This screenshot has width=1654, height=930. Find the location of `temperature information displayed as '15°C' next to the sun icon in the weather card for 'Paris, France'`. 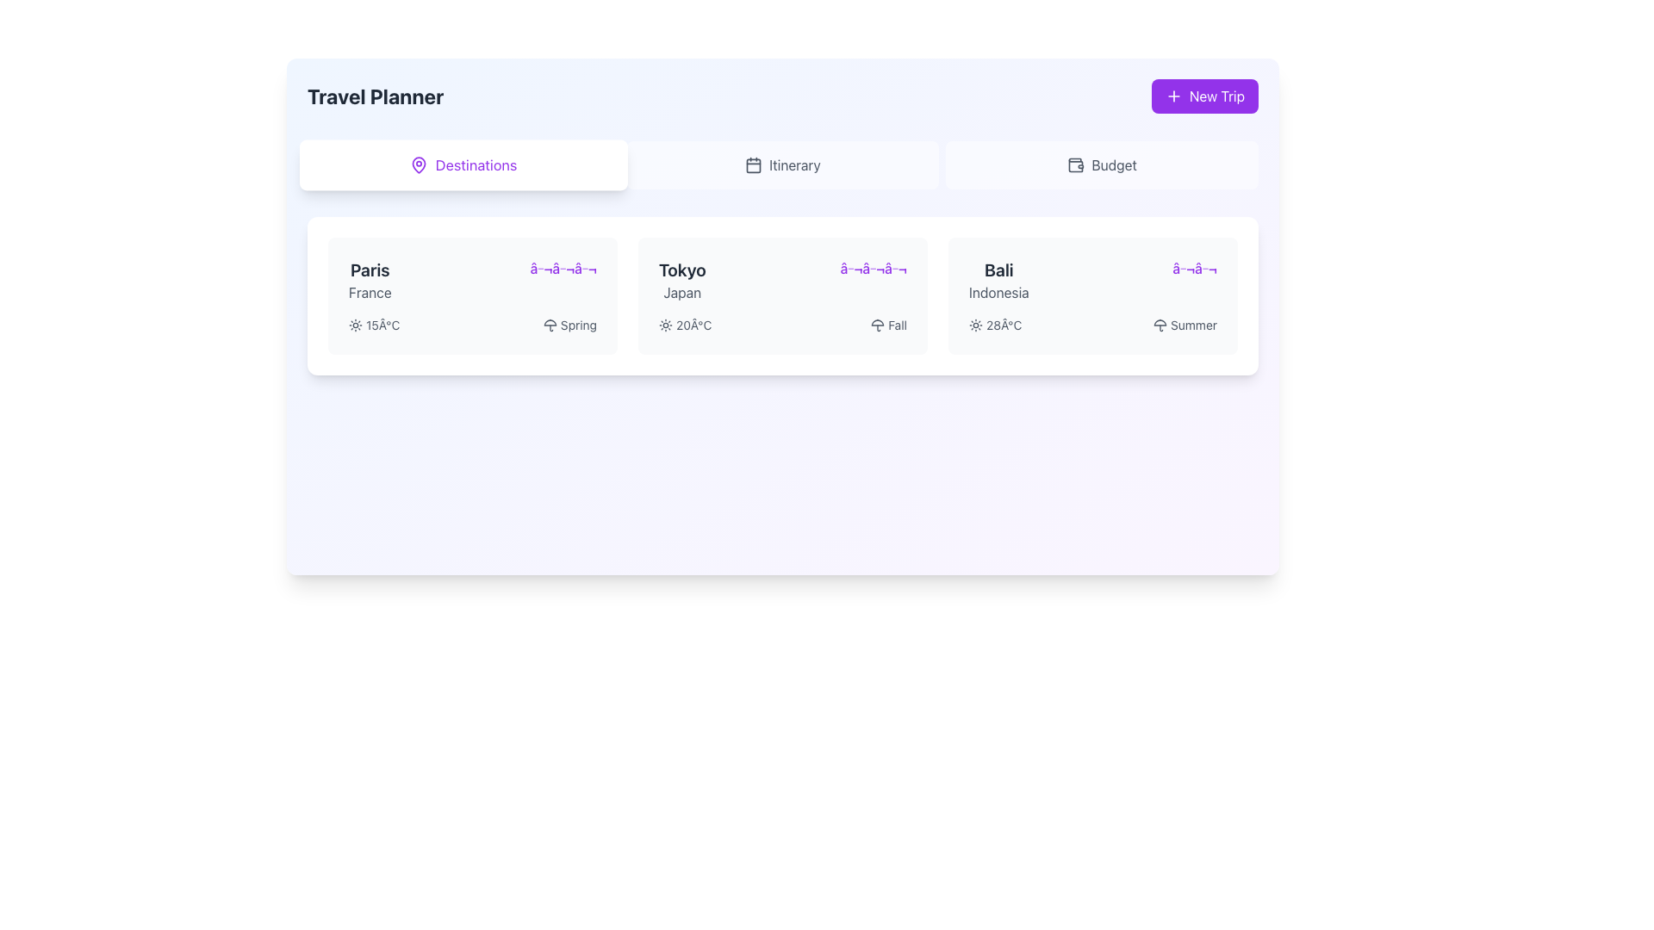

temperature information displayed as '15°C' next to the sun icon in the weather card for 'Paris, France' is located at coordinates (373, 325).